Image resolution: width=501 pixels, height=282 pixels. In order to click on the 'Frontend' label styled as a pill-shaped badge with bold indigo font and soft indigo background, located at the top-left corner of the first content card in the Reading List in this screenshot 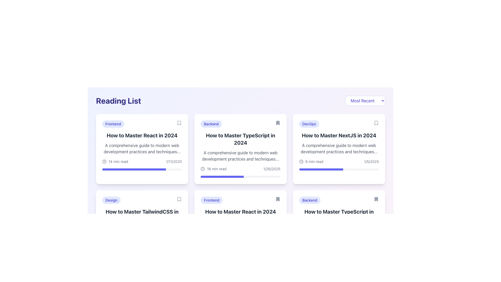, I will do `click(113, 124)`.